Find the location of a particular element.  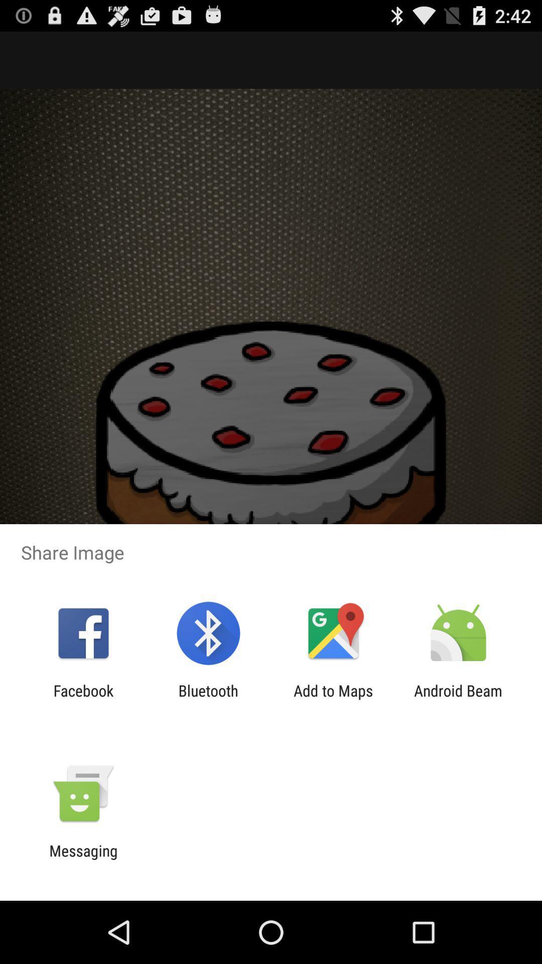

android beam app is located at coordinates (458, 699).